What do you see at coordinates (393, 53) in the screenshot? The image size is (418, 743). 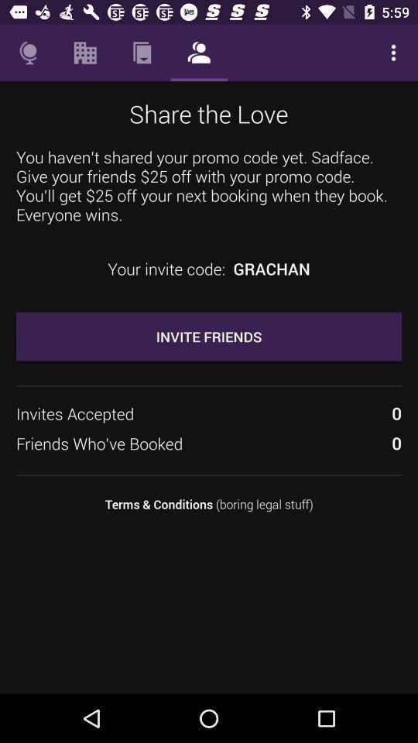 I see `item at the top right corner` at bounding box center [393, 53].